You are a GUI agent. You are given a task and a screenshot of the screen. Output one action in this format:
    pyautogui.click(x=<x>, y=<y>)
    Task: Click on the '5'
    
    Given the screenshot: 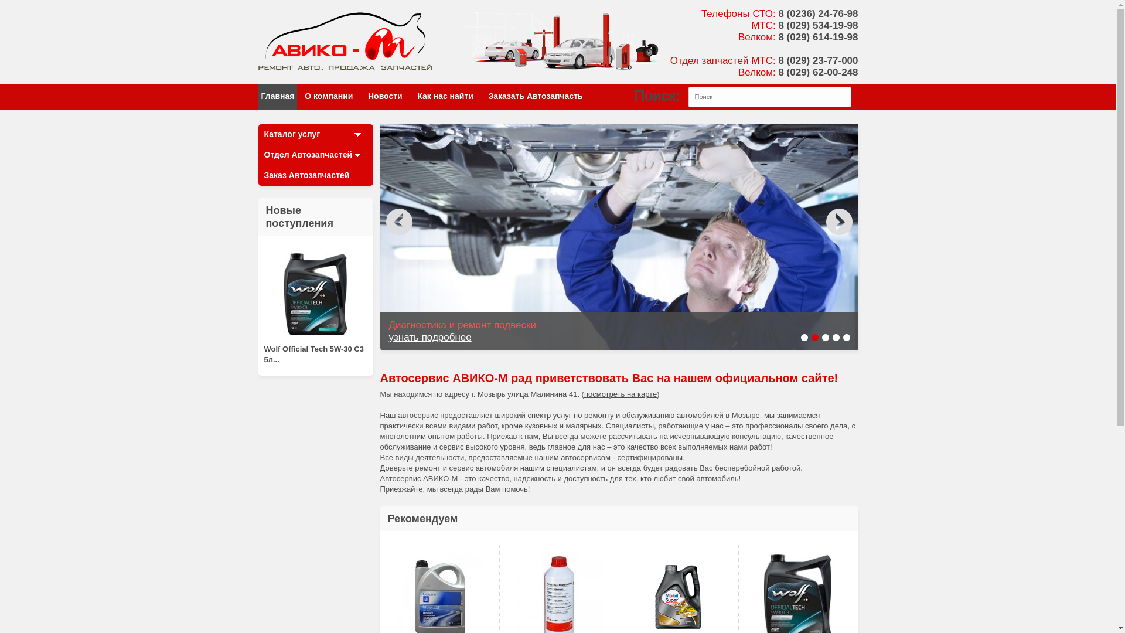 What is the action you would take?
    pyautogui.click(x=846, y=337)
    